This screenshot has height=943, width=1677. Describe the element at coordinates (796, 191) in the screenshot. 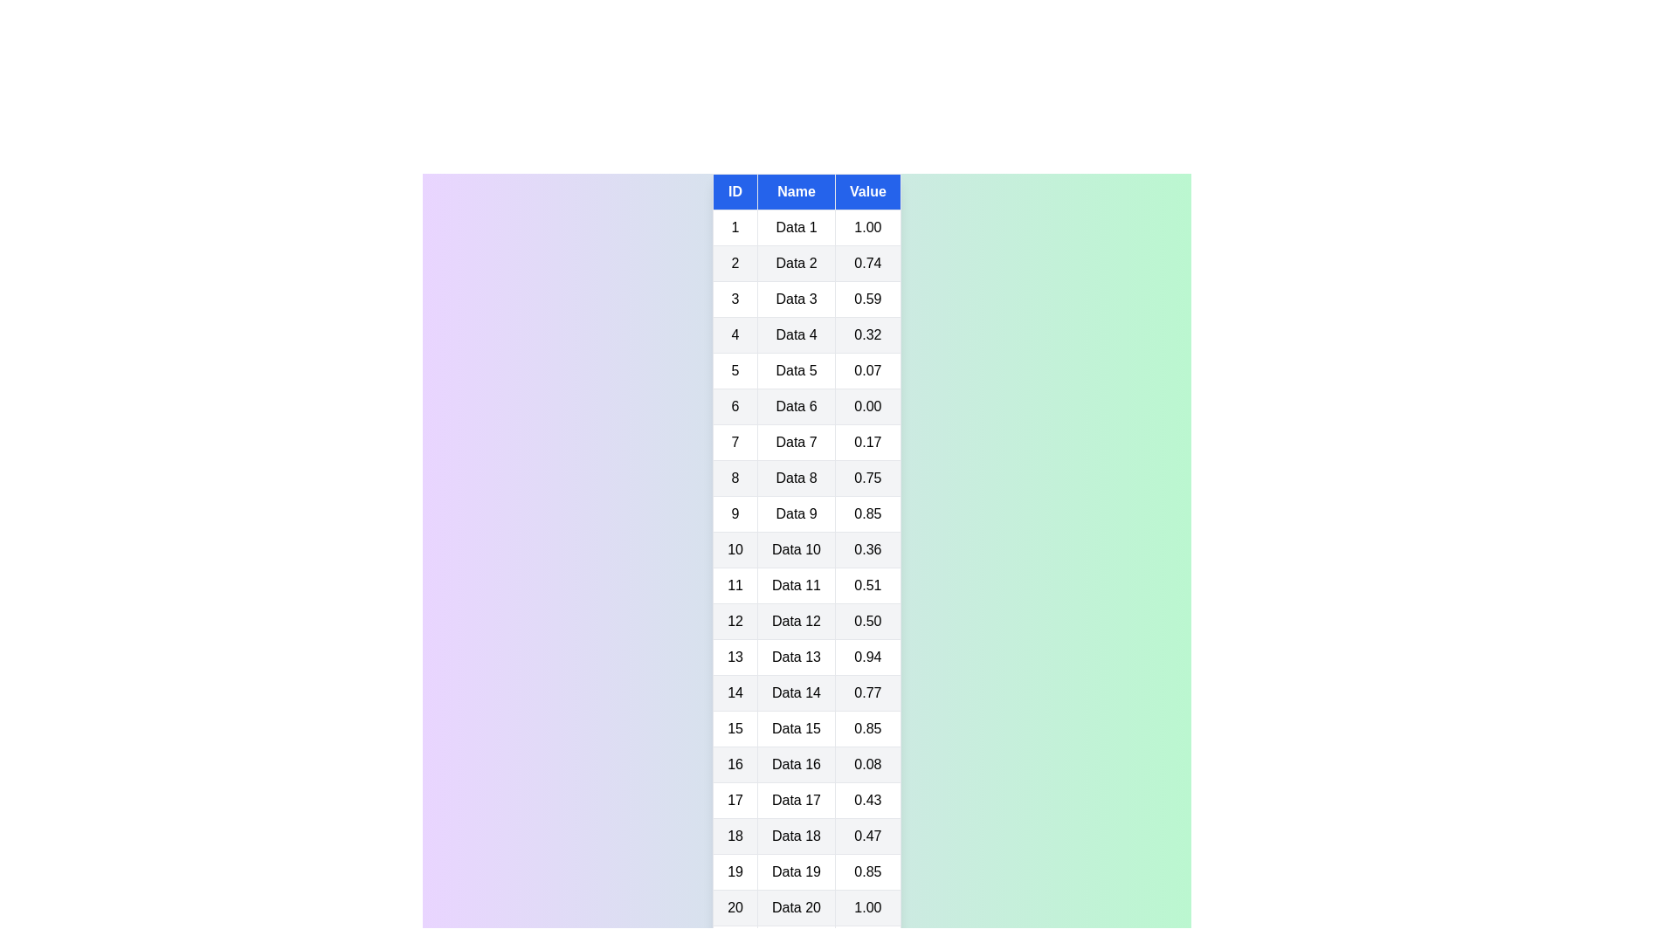

I see `the table header Name to sort the table` at that location.